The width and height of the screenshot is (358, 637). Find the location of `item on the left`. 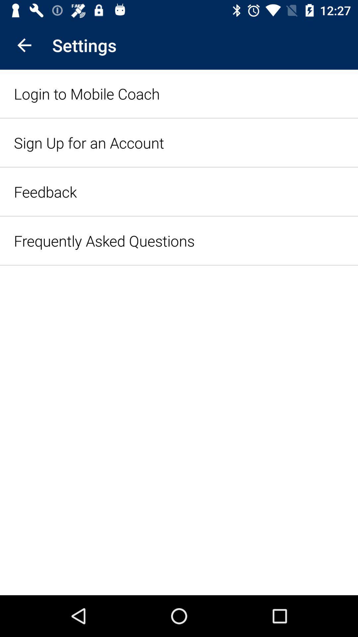

item on the left is located at coordinates (104, 240).